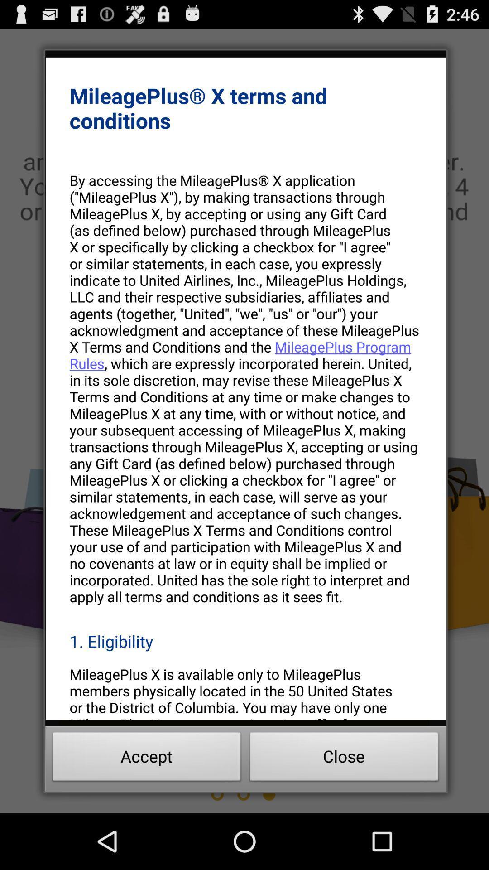 This screenshot has width=489, height=870. Describe the element at coordinates (245, 388) in the screenshot. I see `item at the center` at that location.